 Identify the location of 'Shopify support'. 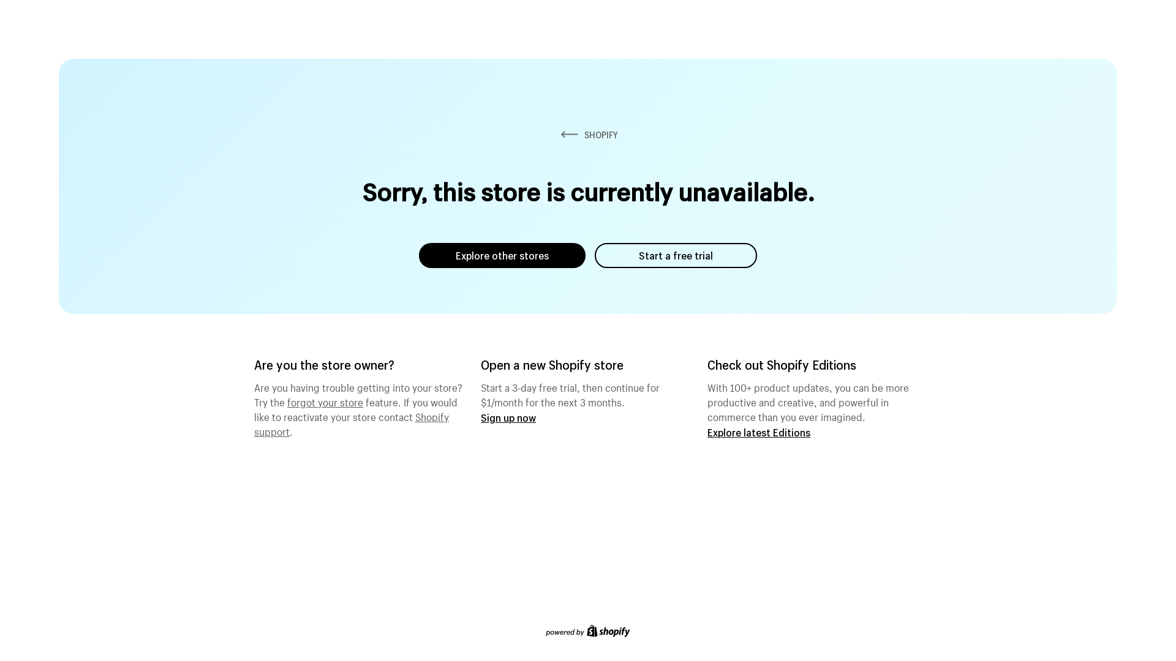
(351, 422).